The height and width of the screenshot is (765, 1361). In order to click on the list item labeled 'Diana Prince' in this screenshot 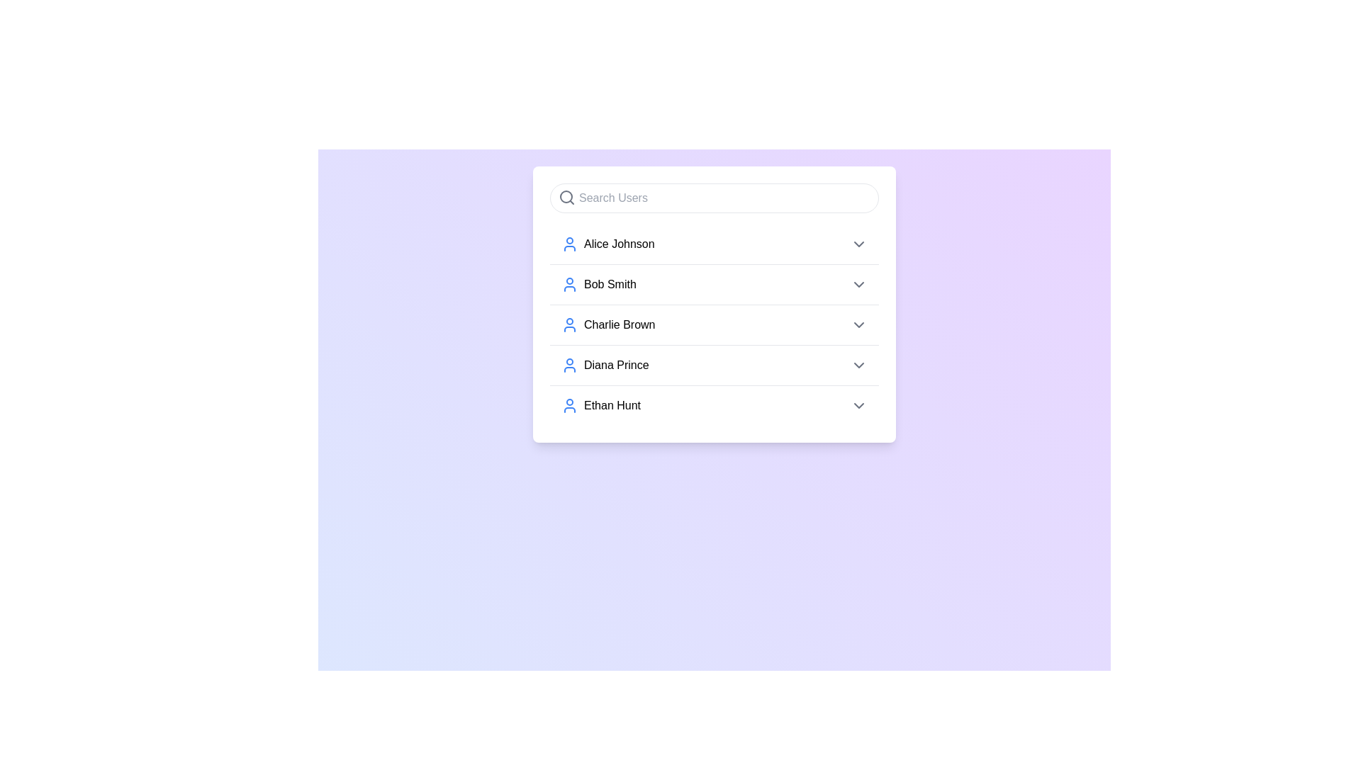, I will do `click(715, 364)`.